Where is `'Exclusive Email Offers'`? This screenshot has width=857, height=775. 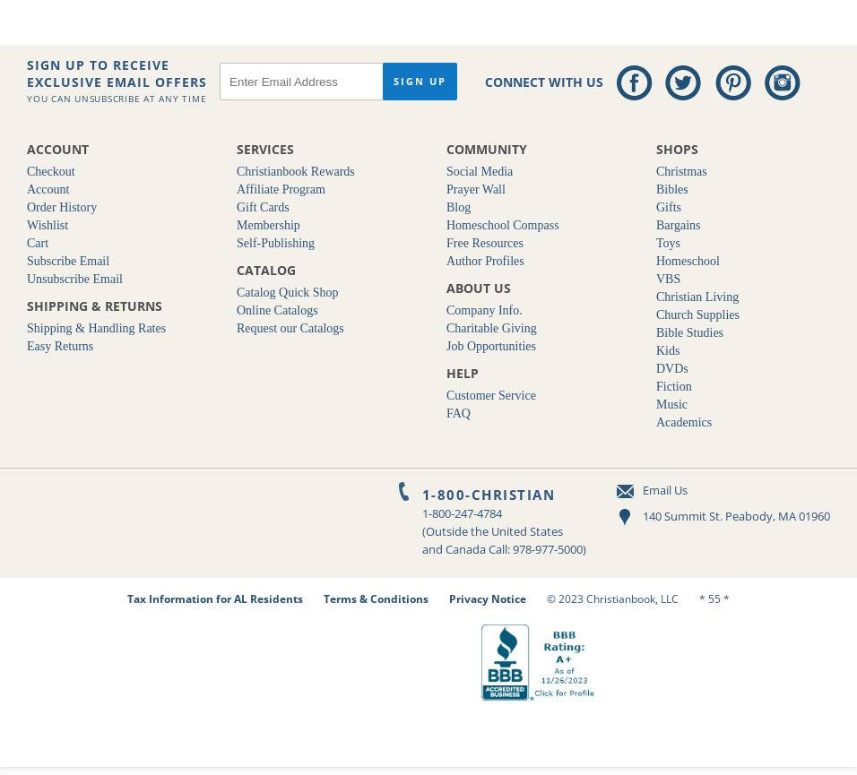
'Exclusive Email Offers' is located at coordinates (117, 82).